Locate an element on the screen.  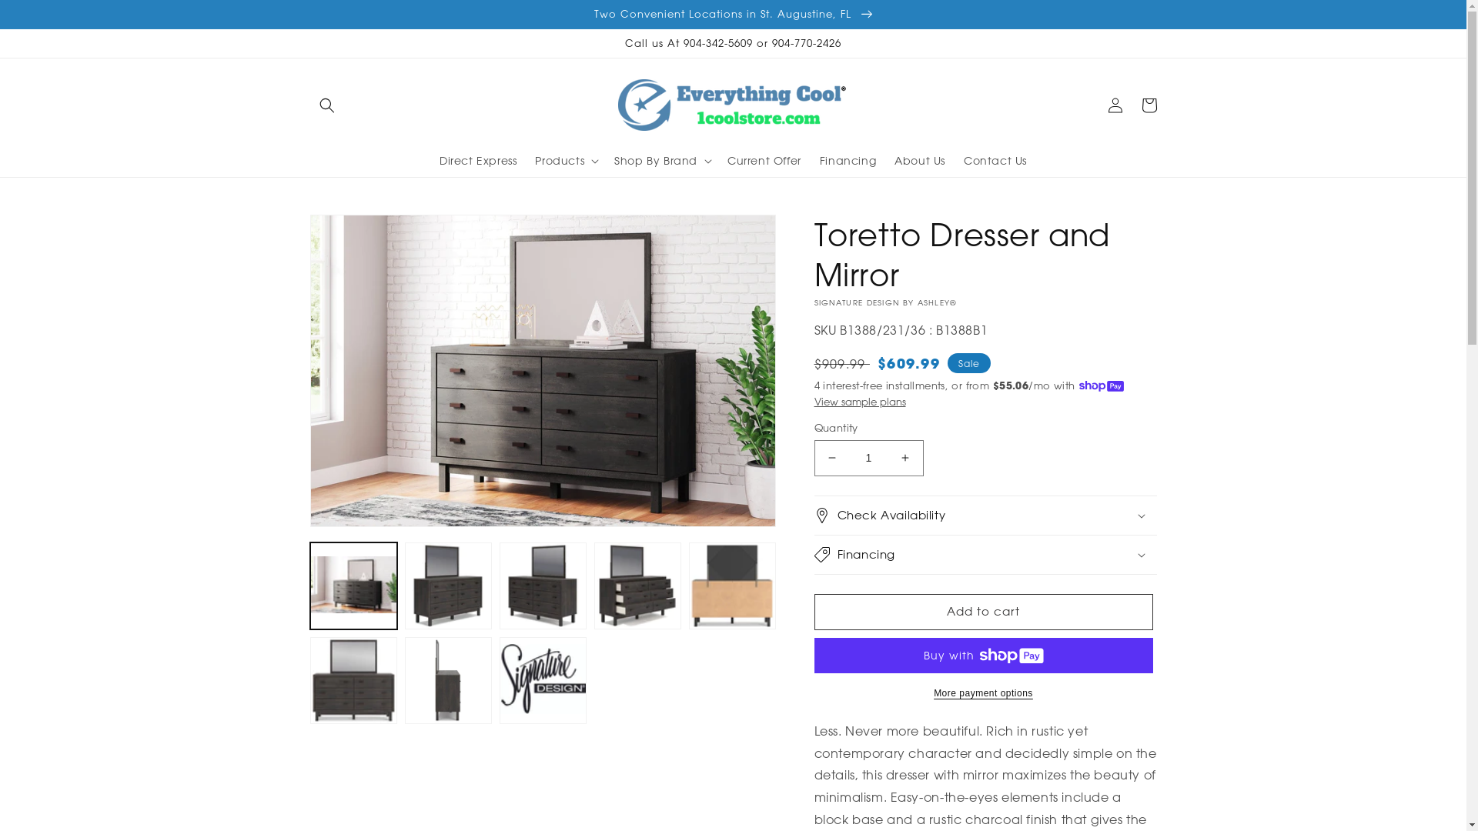
'Skip to product information' is located at coordinates (355, 232).